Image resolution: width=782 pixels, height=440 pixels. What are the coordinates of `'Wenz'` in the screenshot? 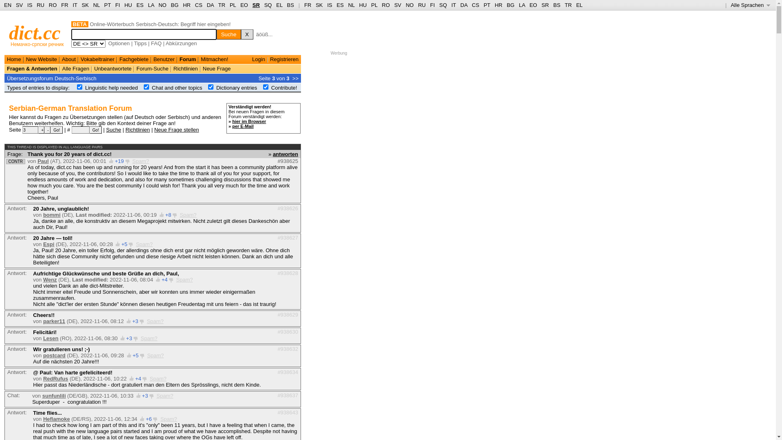 It's located at (50, 279).